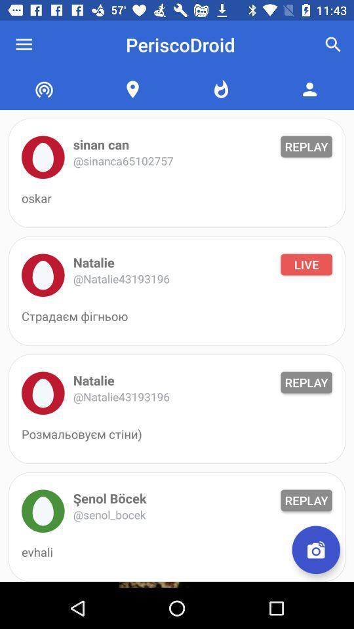  What do you see at coordinates (43, 157) in the screenshot?
I see `sinan can profile picture` at bounding box center [43, 157].